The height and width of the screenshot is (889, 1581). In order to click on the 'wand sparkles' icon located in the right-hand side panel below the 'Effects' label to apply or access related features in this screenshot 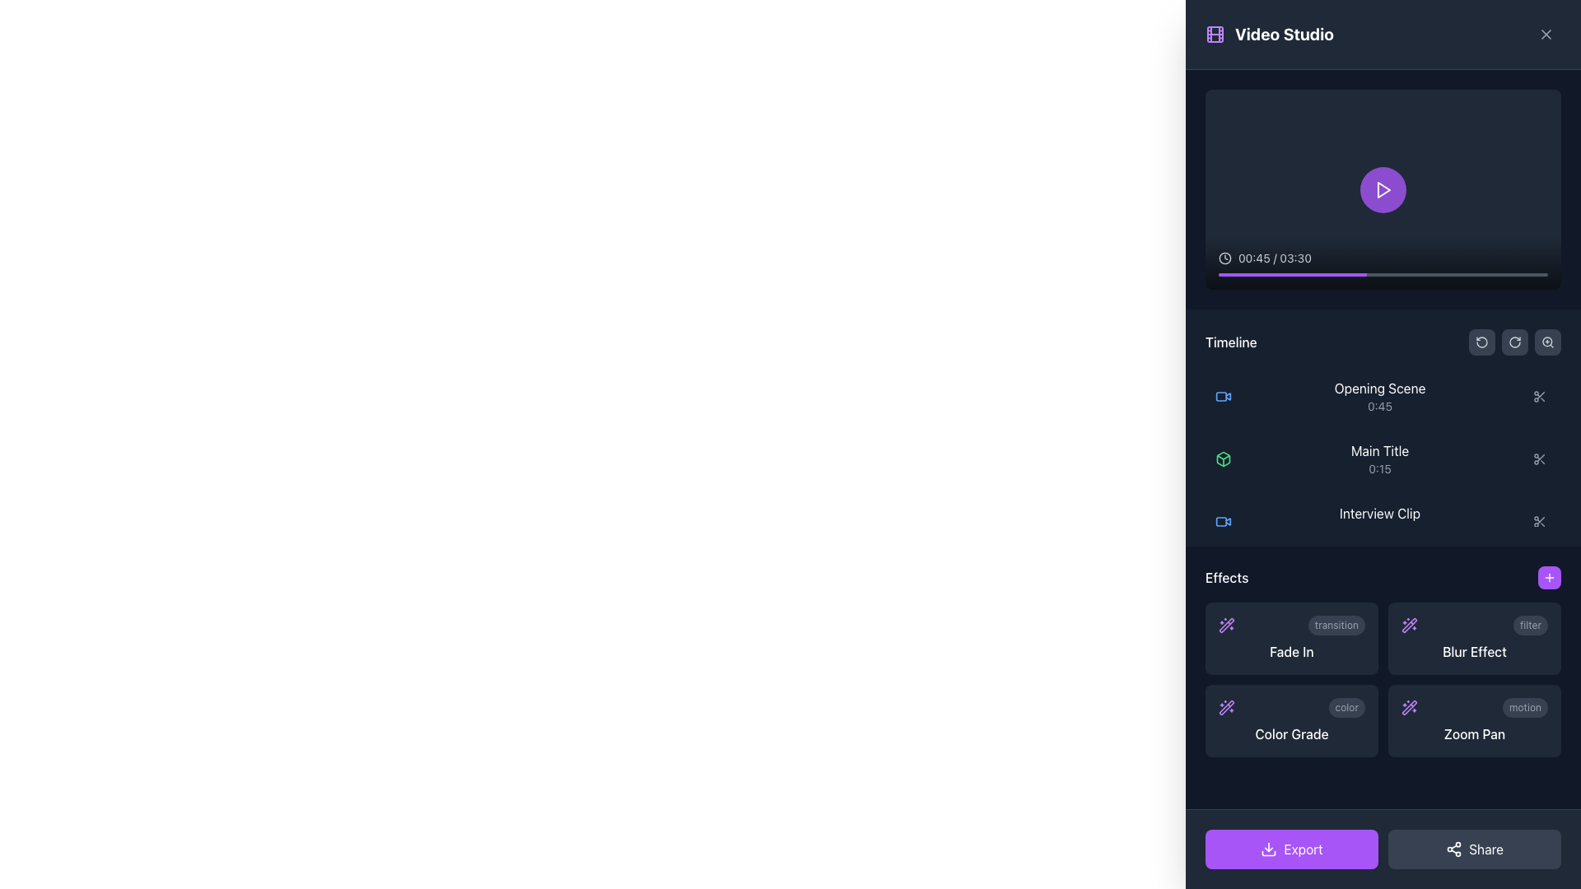, I will do `click(1226, 707)`.